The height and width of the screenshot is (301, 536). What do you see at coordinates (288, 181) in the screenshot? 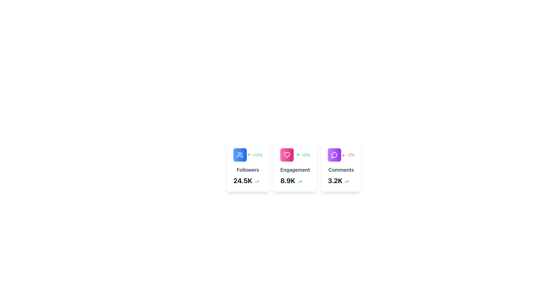
I see `the engagement metrics text label that displays numerical values for user interactions, located below the 'Engagement' label with a pink icon above it` at bounding box center [288, 181].